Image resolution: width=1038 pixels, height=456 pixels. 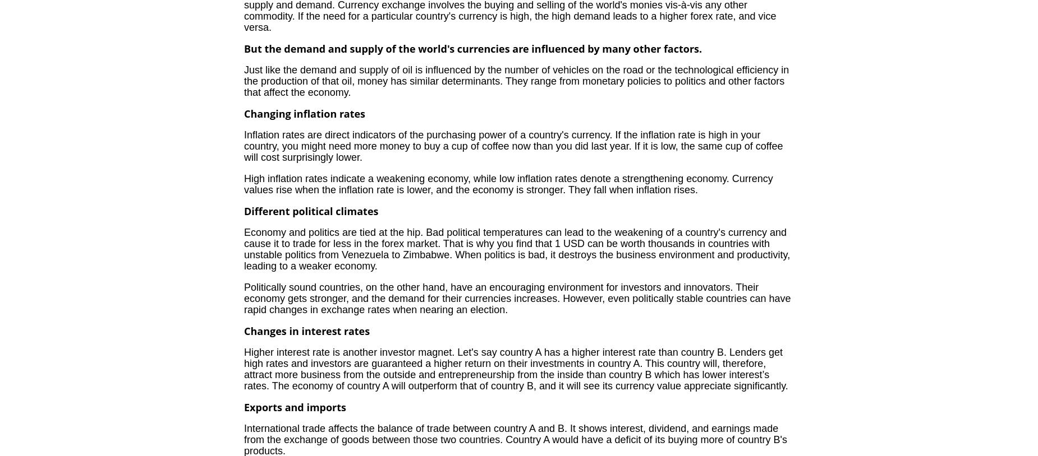 I want to click on 'Just like the demand and supply of oil is influenced by the number of vehicles on the road or the technological efficiency in the production of that oil, money has similar determinants. 
They range from monetary policies to politics and other factors that affect the economy.', so click(x=516, y=80).